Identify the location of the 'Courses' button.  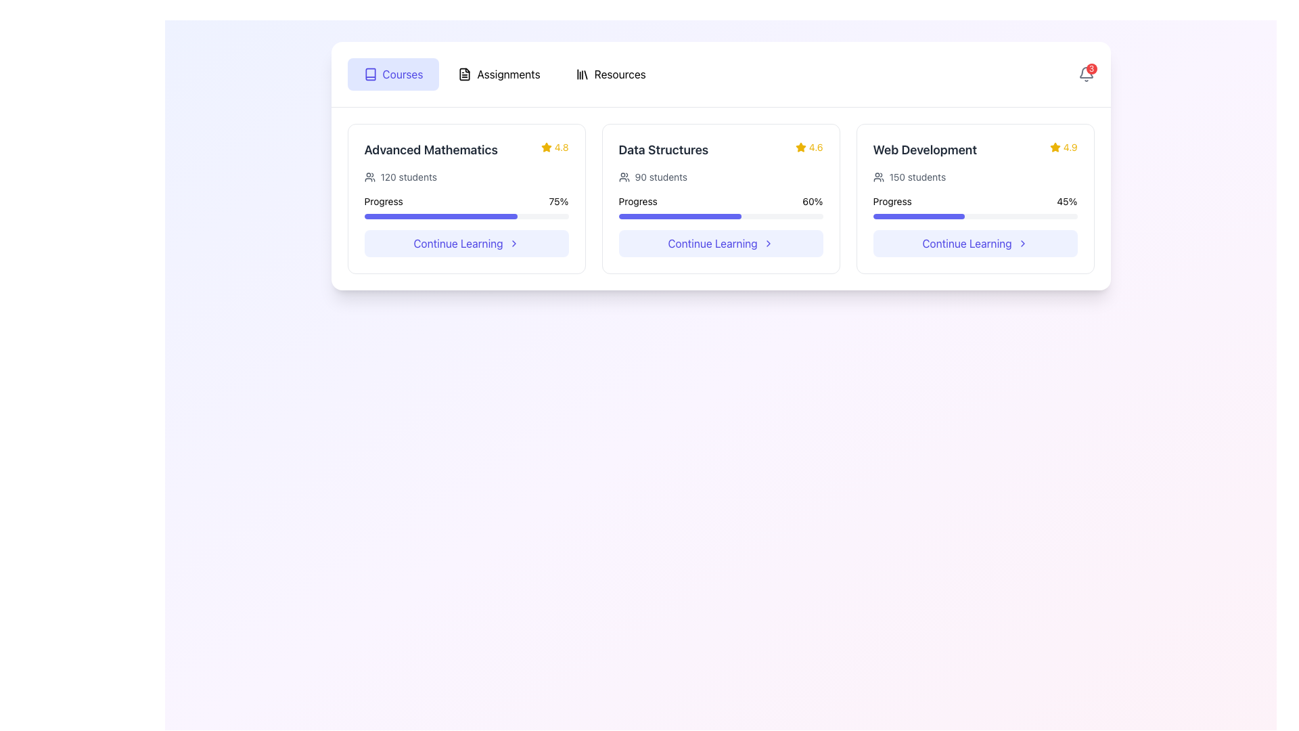
(392, 74).